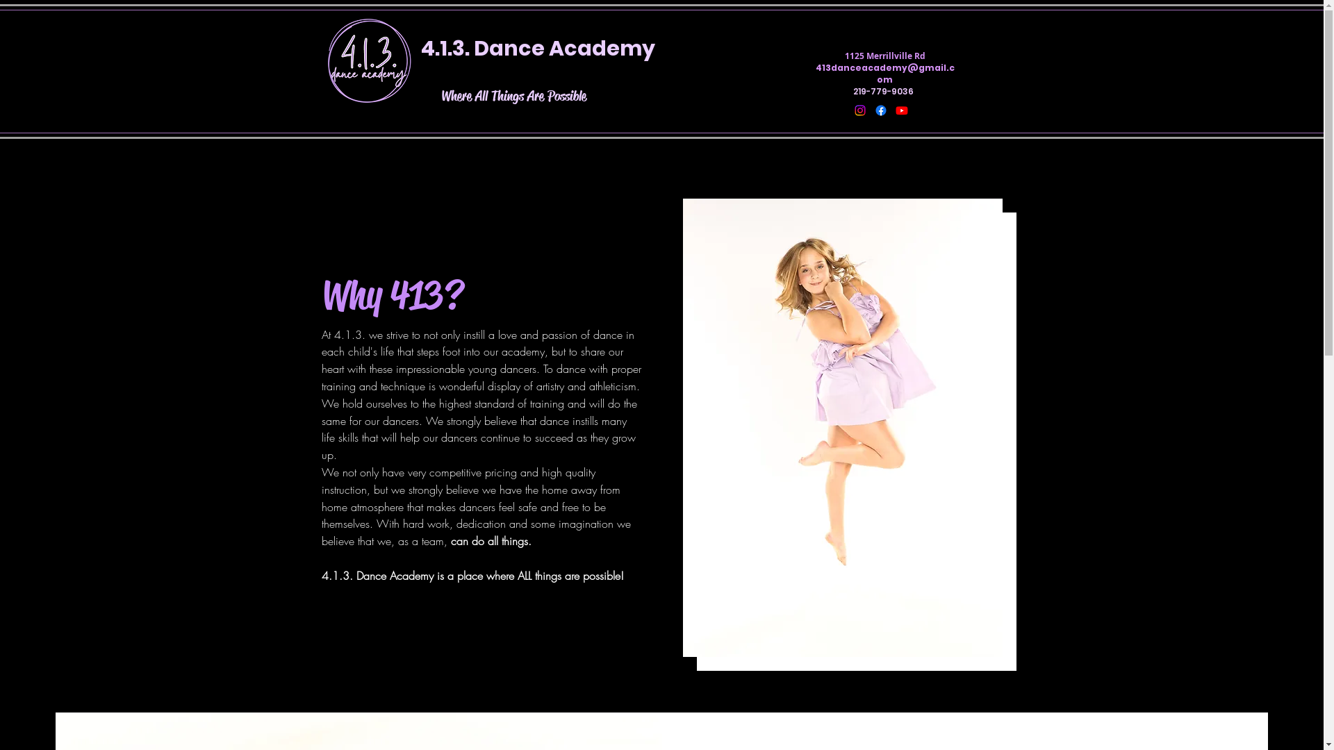 This screenshot has height=750, width=1334. I want to click on '413danceacademy@gmail.com', so click(884, 73).